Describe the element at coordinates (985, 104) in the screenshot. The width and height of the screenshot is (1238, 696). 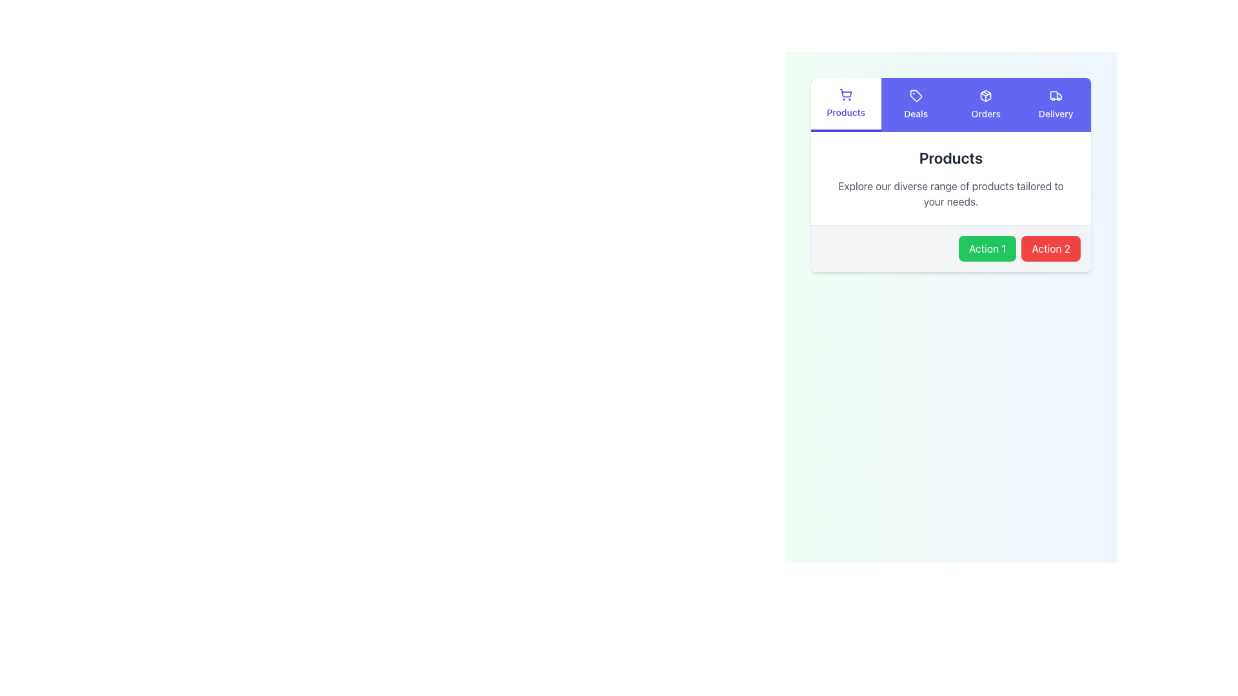
I see `the 'Orders' menu item in the navigation bar` at that location.